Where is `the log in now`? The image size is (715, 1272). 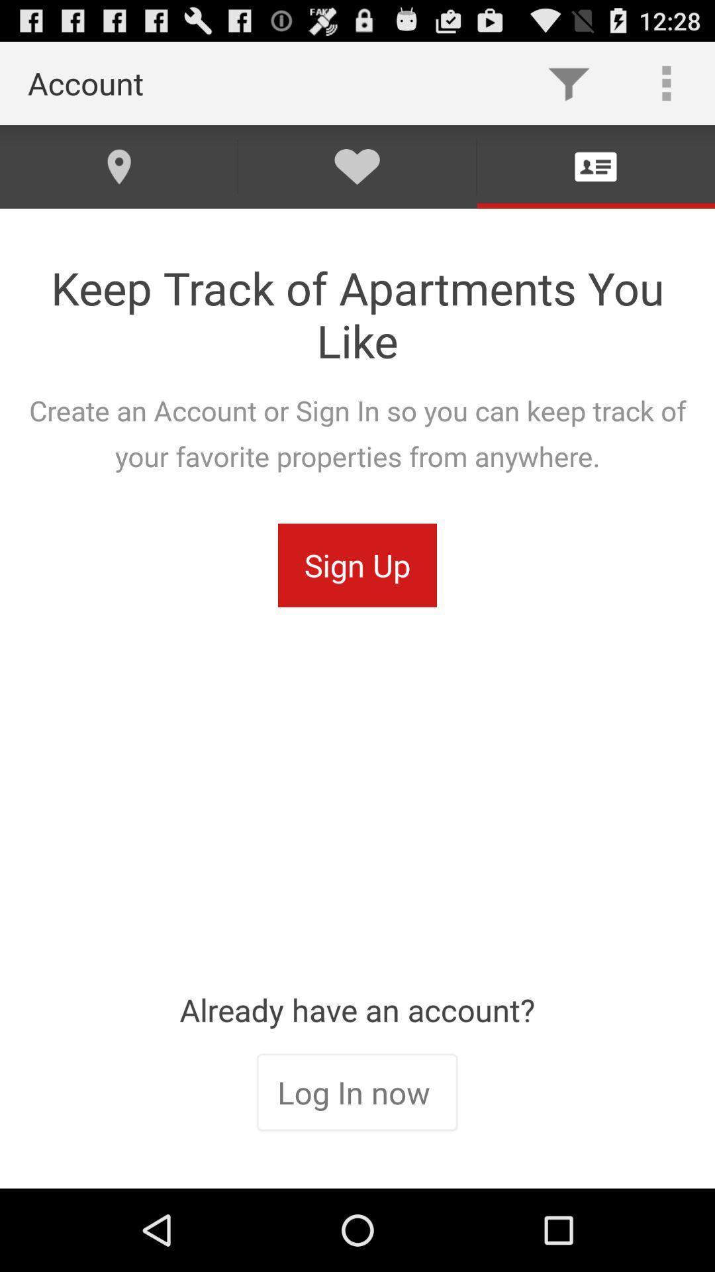 the log in now is located at coordinates (356, 1094).